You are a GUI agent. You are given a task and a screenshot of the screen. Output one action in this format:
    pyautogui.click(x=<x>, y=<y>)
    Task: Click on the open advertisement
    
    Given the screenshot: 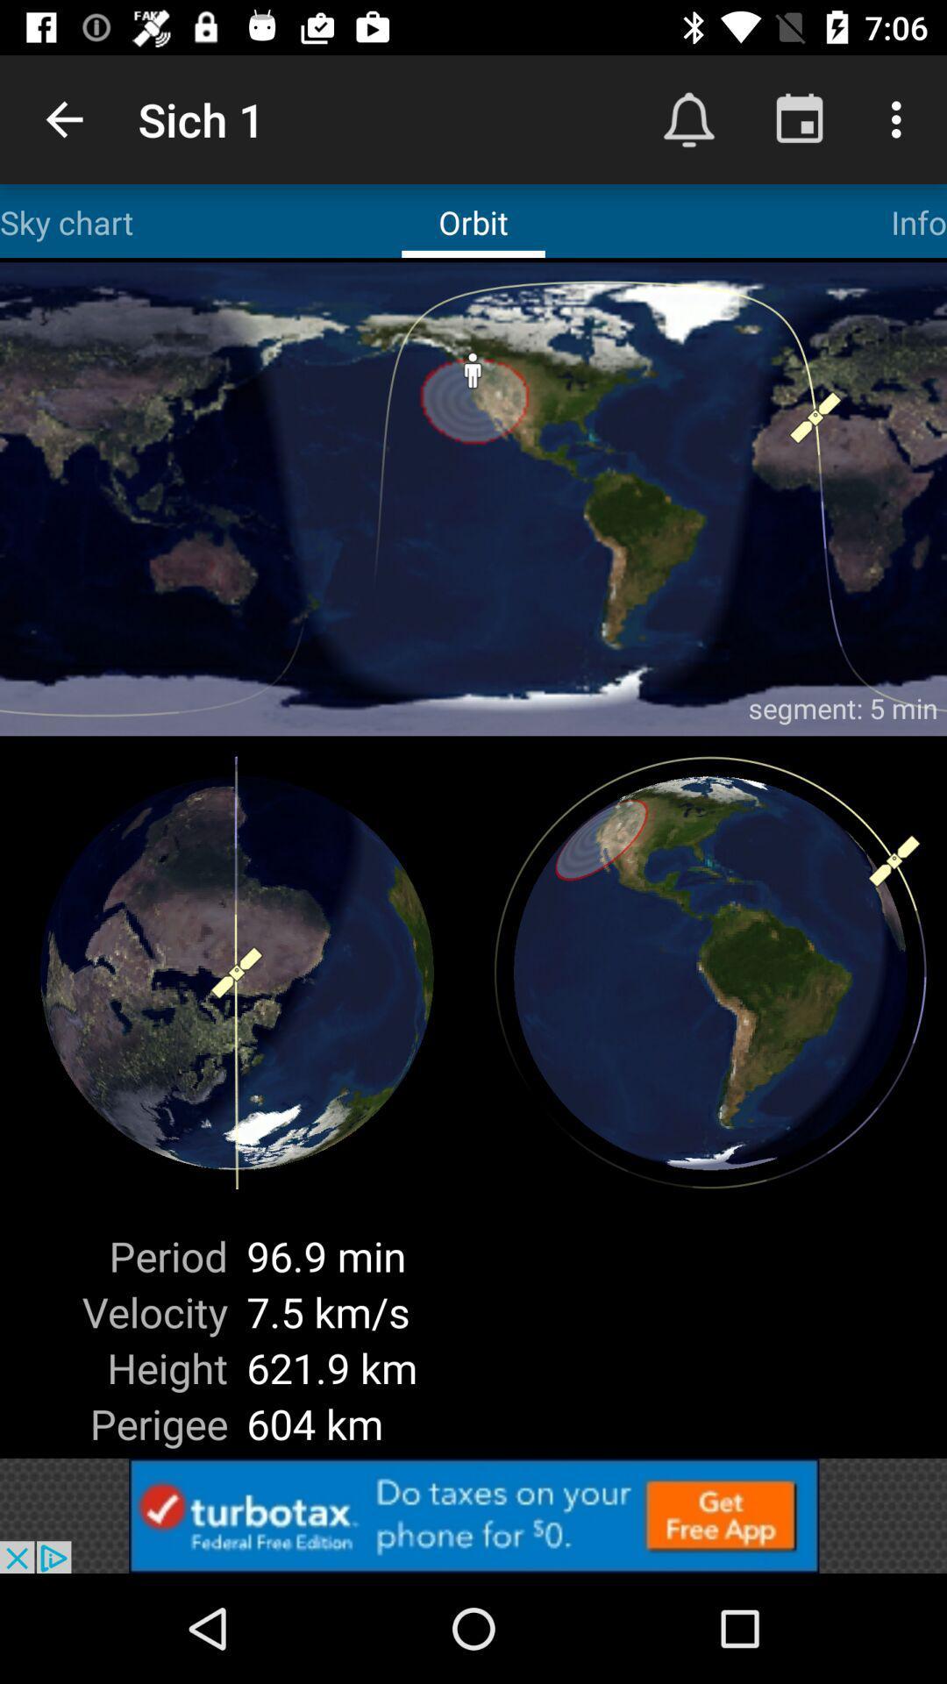 What is the action you would take?
    pyautogui.click(x=473, y=1515)
    